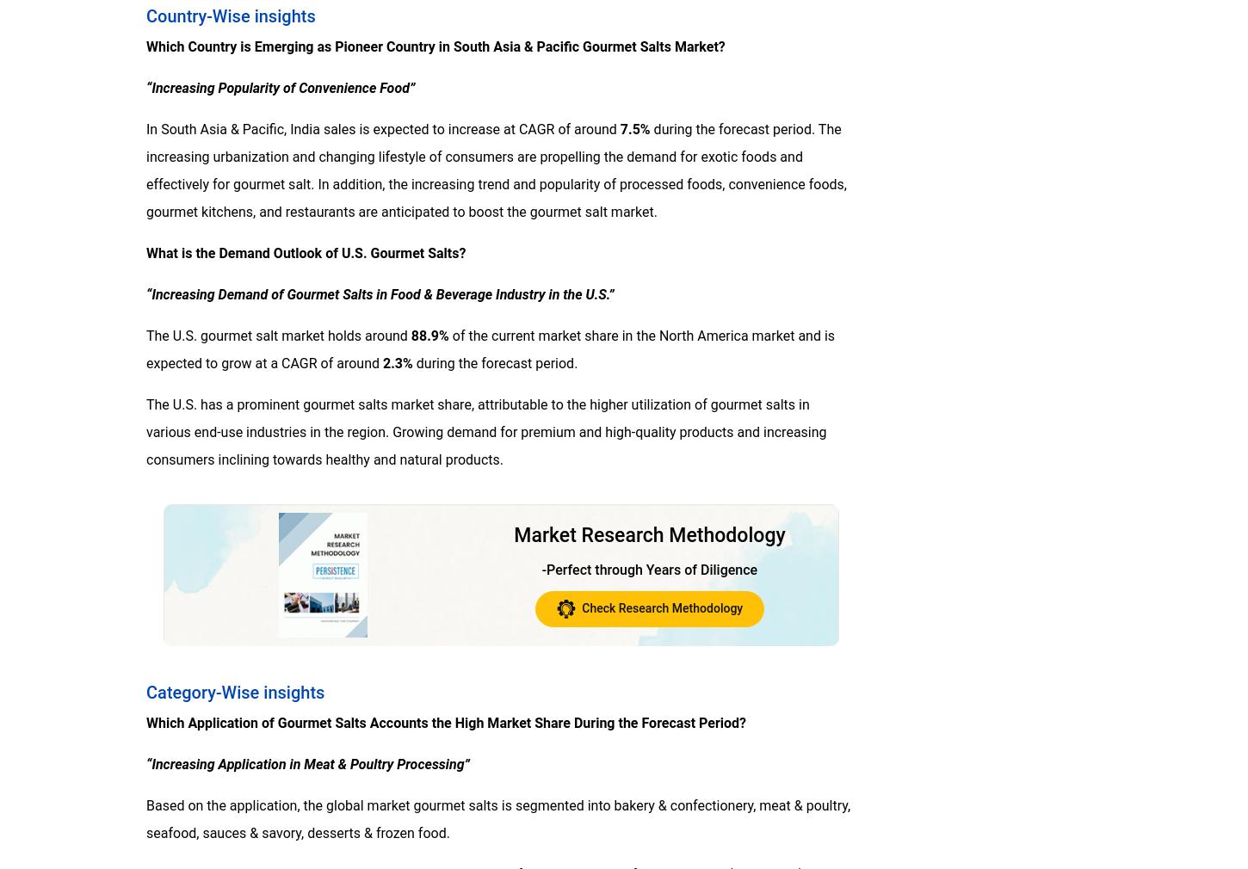 Image resolution: width=1248 pixels, height=869 pixels. Describe the element at coordinates (145, 348) in the screenshot. I see `'of the current market share in the North America market and is expected to grow at a CAGR of around'` at that location.